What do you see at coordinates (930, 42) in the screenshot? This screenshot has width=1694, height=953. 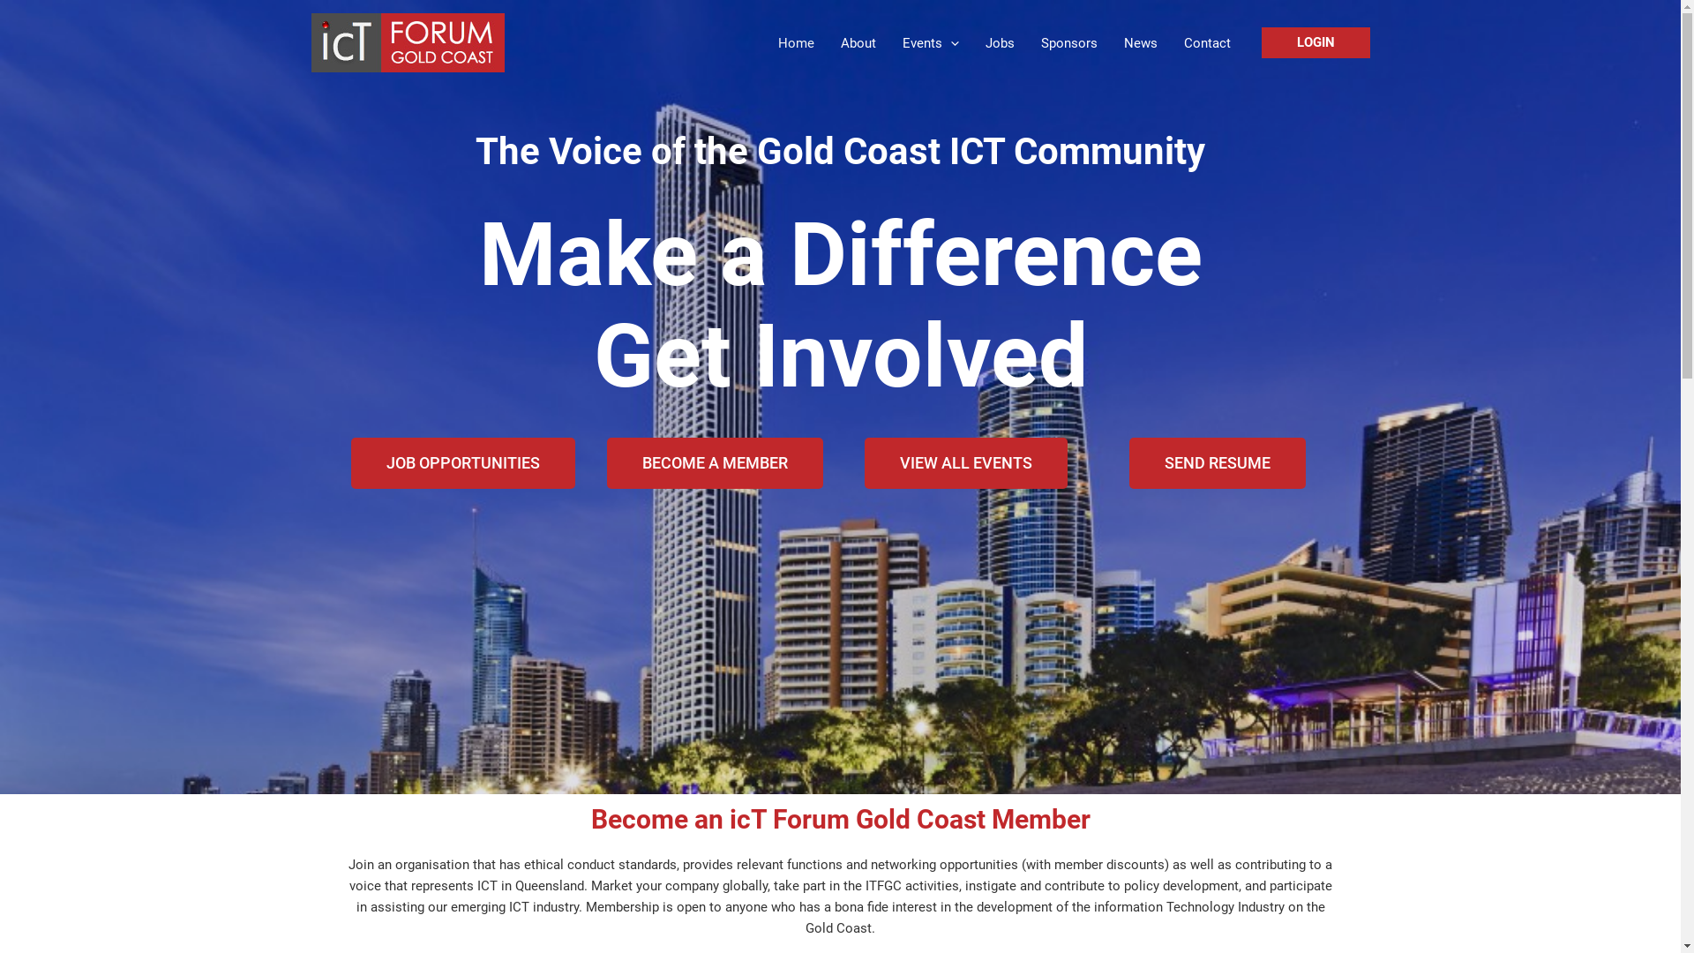 I see `'Events'` at bounding box center [930, 42].